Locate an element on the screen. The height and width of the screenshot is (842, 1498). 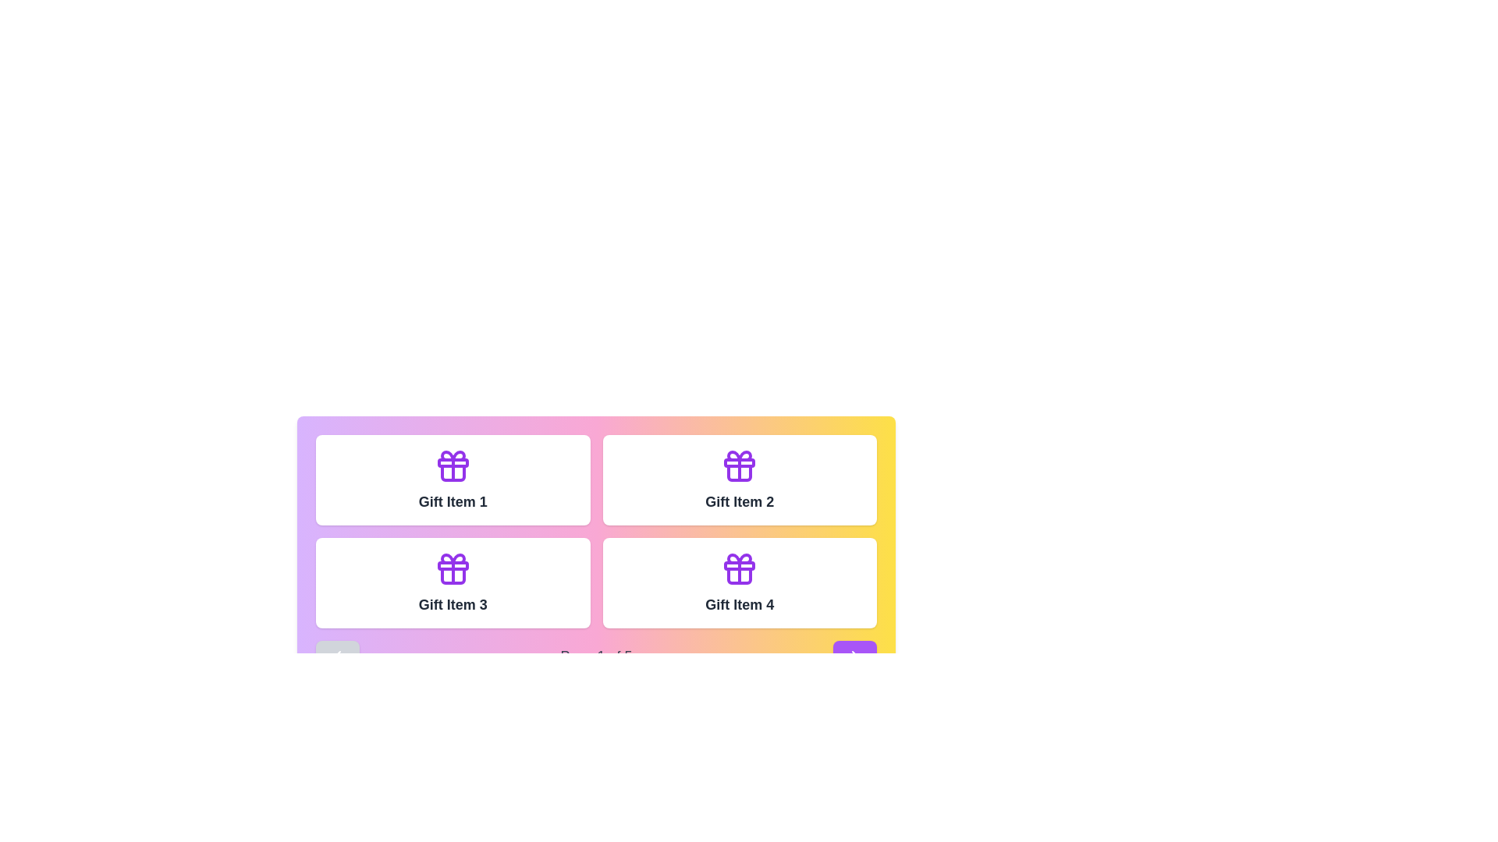
the decorative vector graphic at the top-center of the gift icon labeled 'Gift Item 1', which enhances the illustration of the present is located at coordinates (452, 456).